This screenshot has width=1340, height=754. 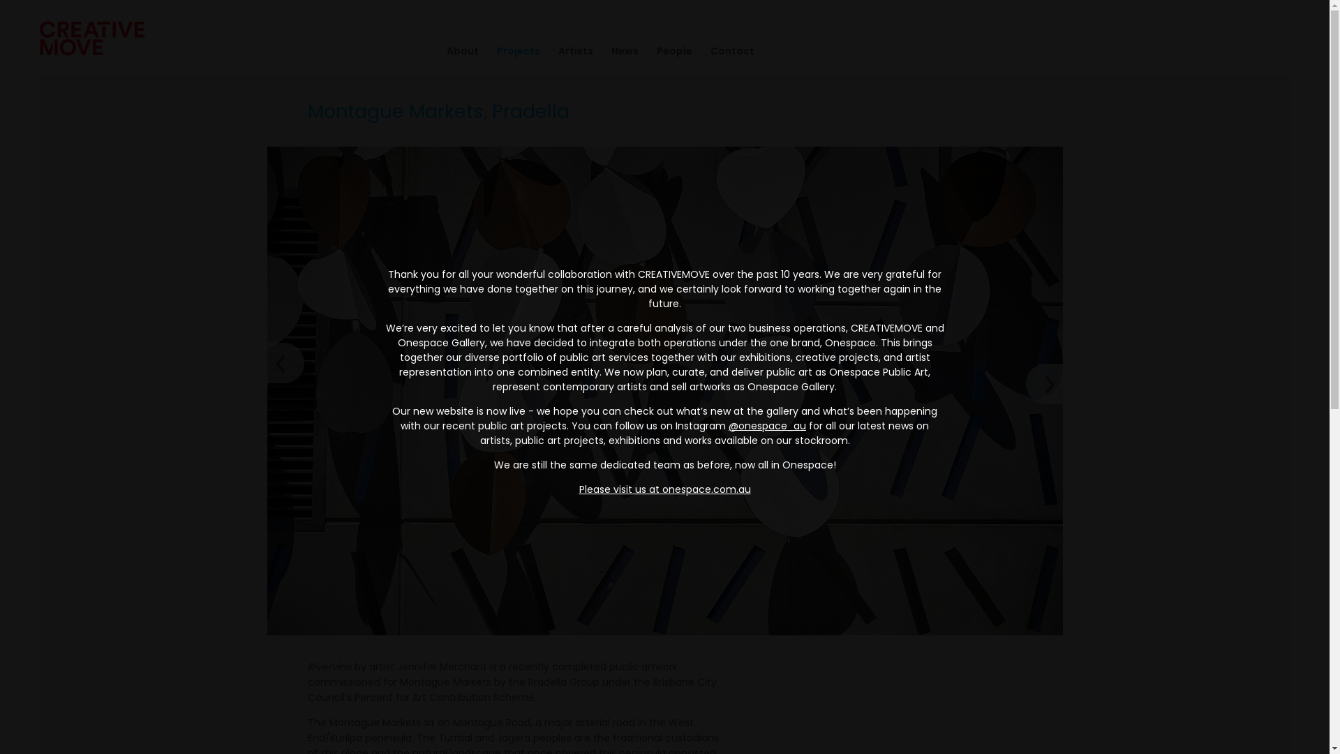 What do you see at coordinates (579, 487) in the screenshot?
I see `'Please visit us at onespace.com.au'` at bounding box center [579, 487].